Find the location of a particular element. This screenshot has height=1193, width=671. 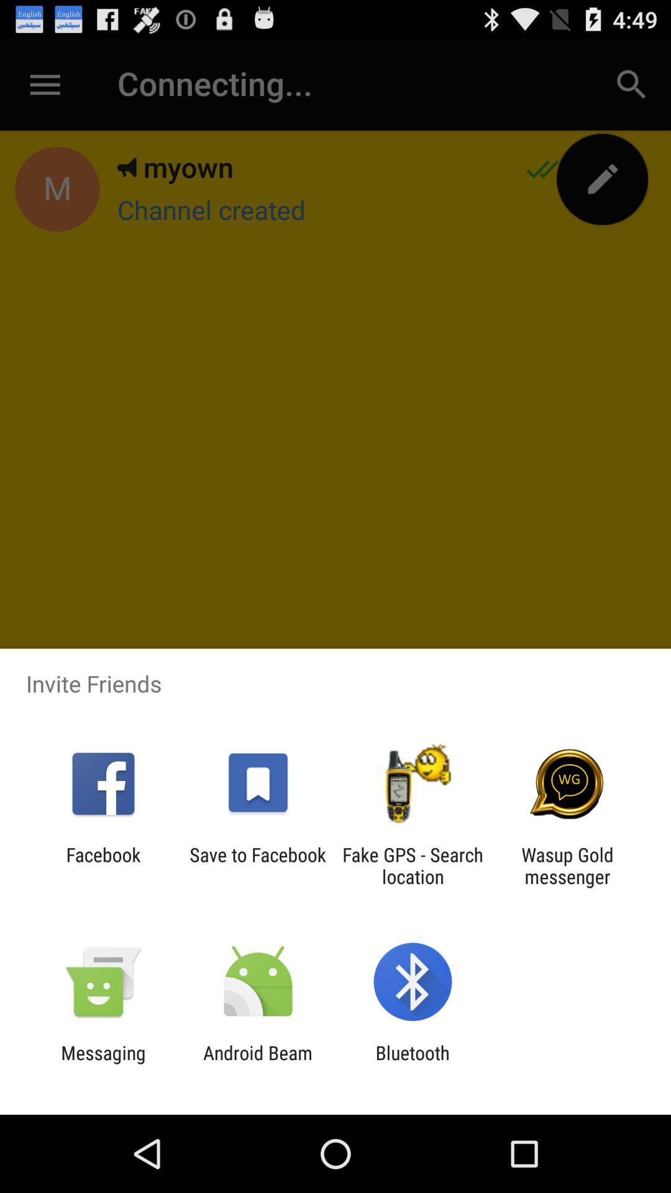

the app to the left of the bluetooth icon is located at coordinates (257, 1063).